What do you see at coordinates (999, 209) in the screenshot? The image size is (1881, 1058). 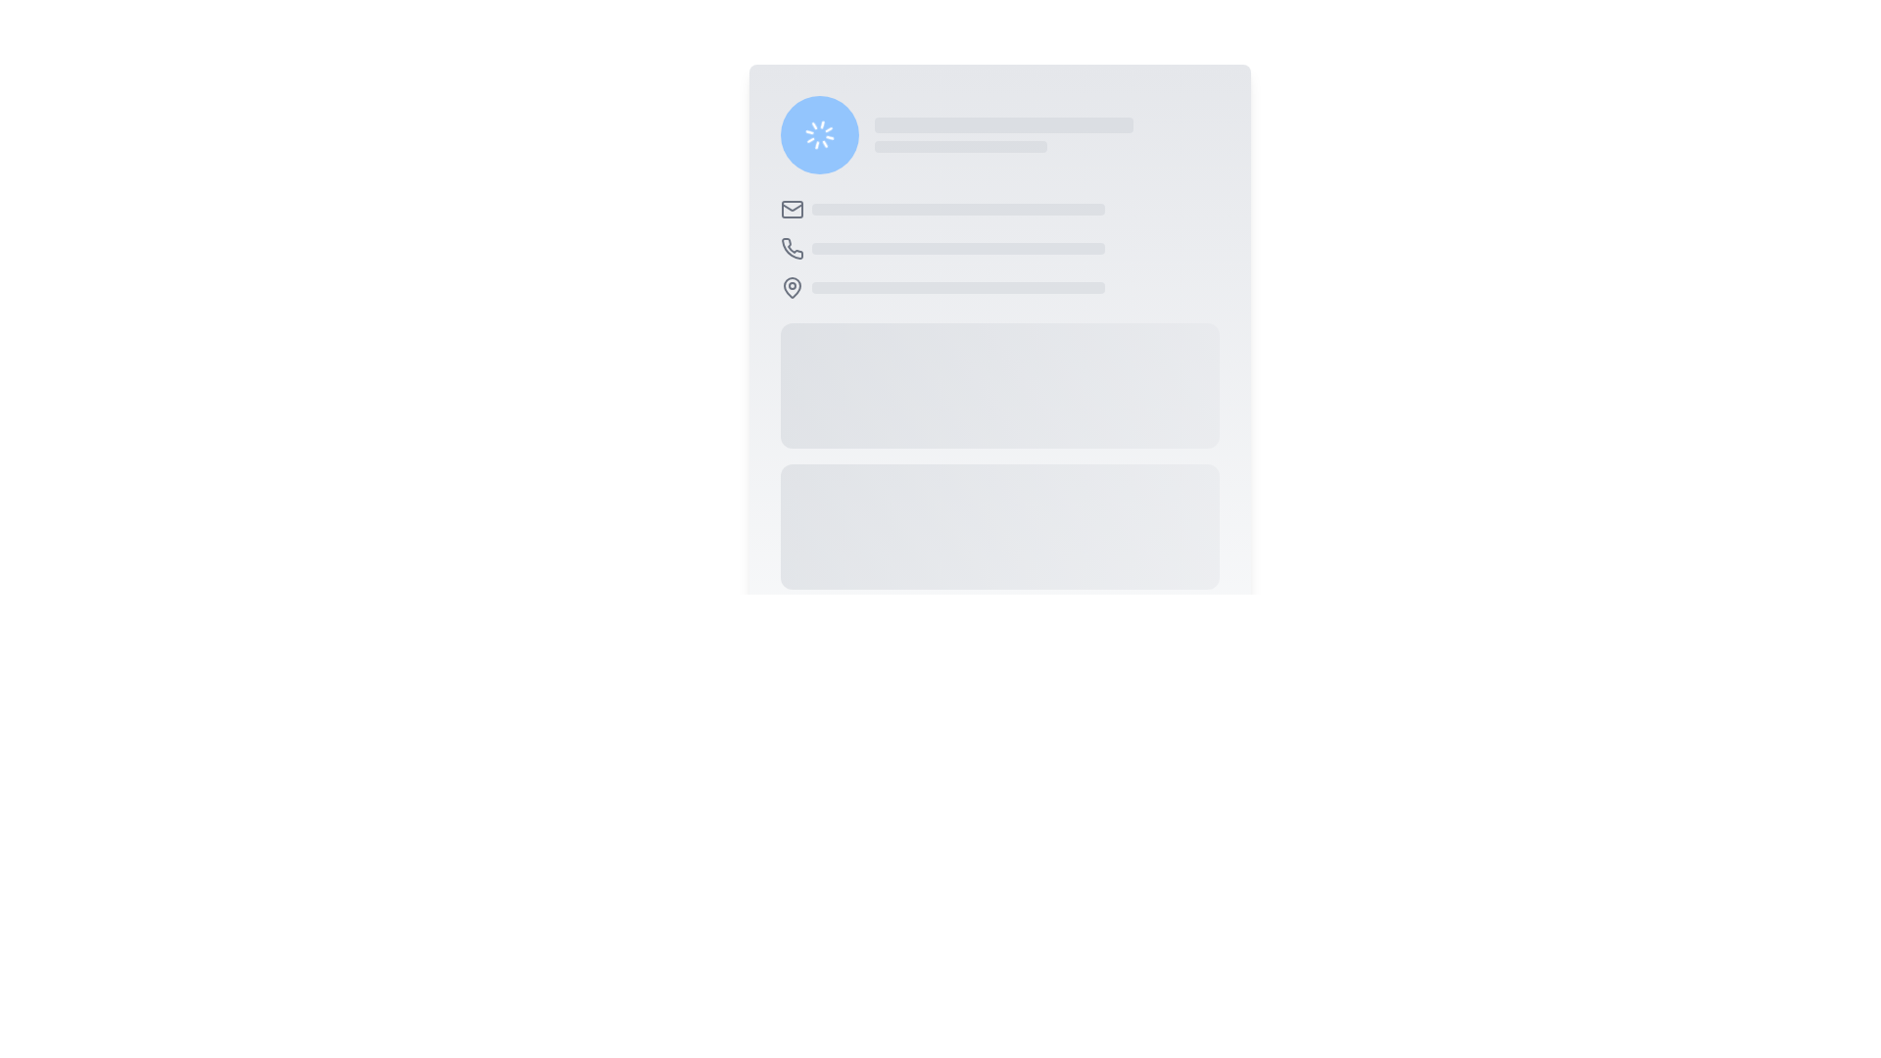 I see `placeholder component consisting of an envelope icon and a gray loading bar for visual context` at bounding box center [999, 209].